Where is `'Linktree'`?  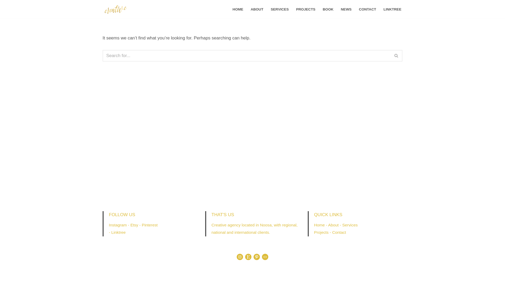 'Linktree' is located at coordinates (118, 232).